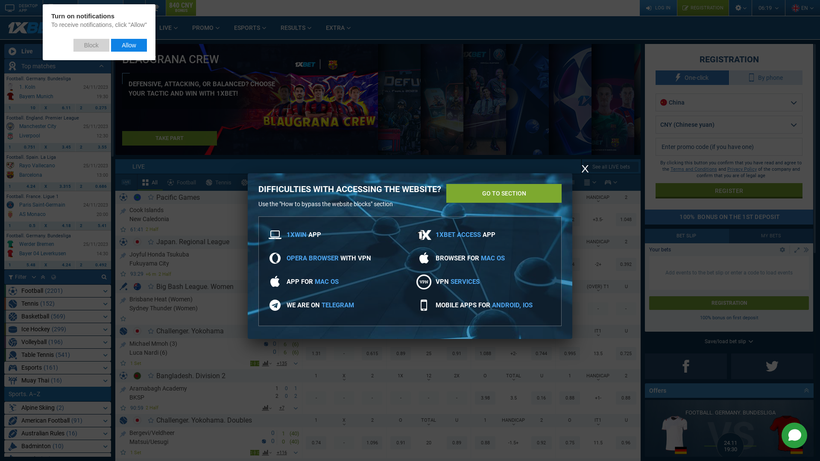 The width and height of the screenshot is (820, 461). I want to click on 'Rayo Vallecano. Madrid', so click(10, 166).